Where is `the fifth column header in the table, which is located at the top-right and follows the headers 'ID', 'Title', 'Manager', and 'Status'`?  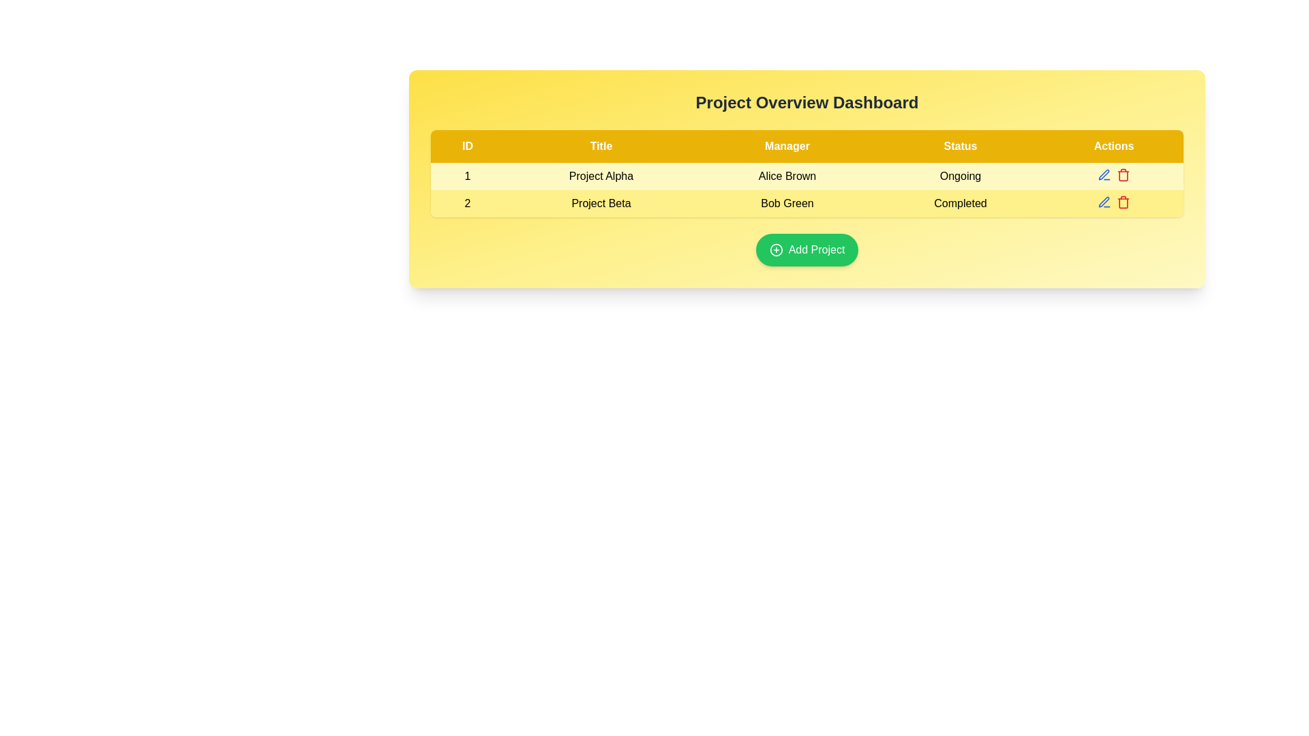 the fifth column header in the table, which is located at the top-right and follows the headers 'ID', 'Title', 'Manager', and 'Status' is located at coordinates (1113, 147).